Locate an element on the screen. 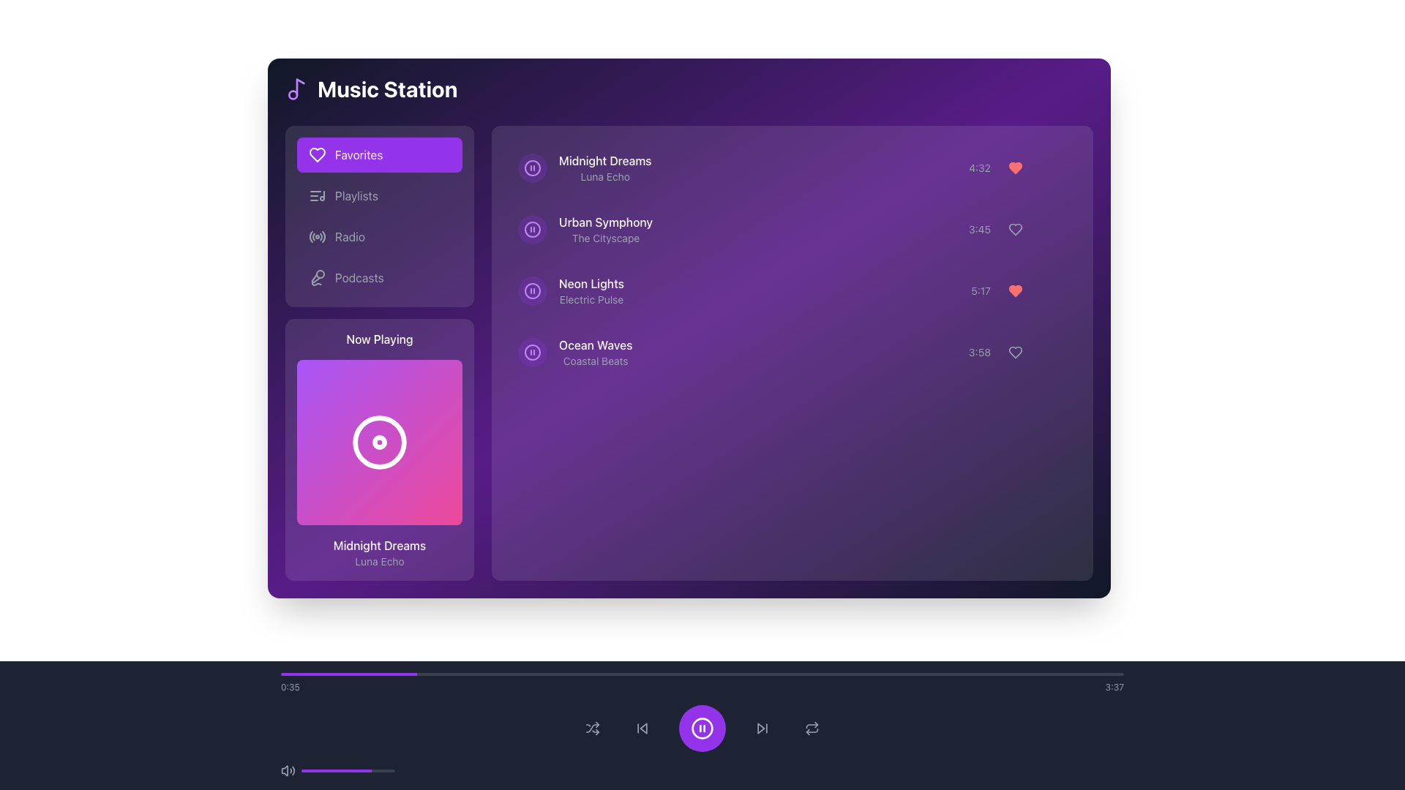 The width and height of the screenshot is (1405, 790). the small circular button with a purple background and a pause symbol located to the left of the 'Neon Lights' title in the third row of the playlist is located at coordinates (532, 290).